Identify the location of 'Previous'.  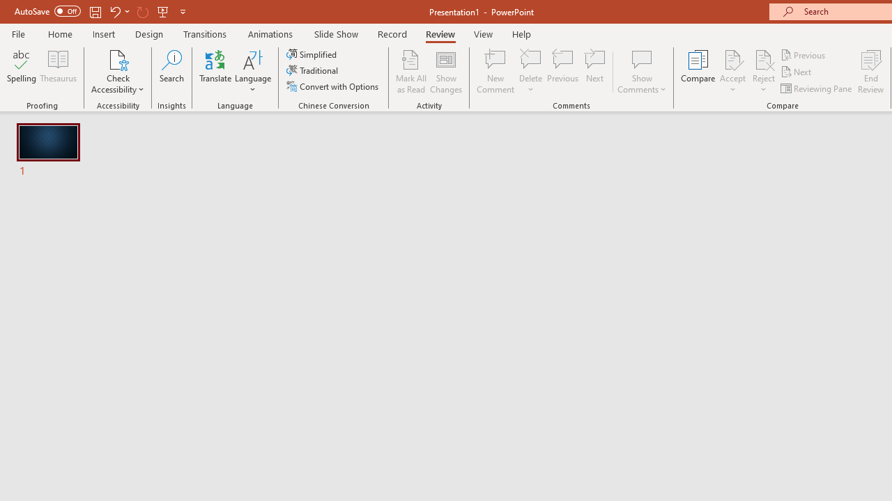
(803, 54).